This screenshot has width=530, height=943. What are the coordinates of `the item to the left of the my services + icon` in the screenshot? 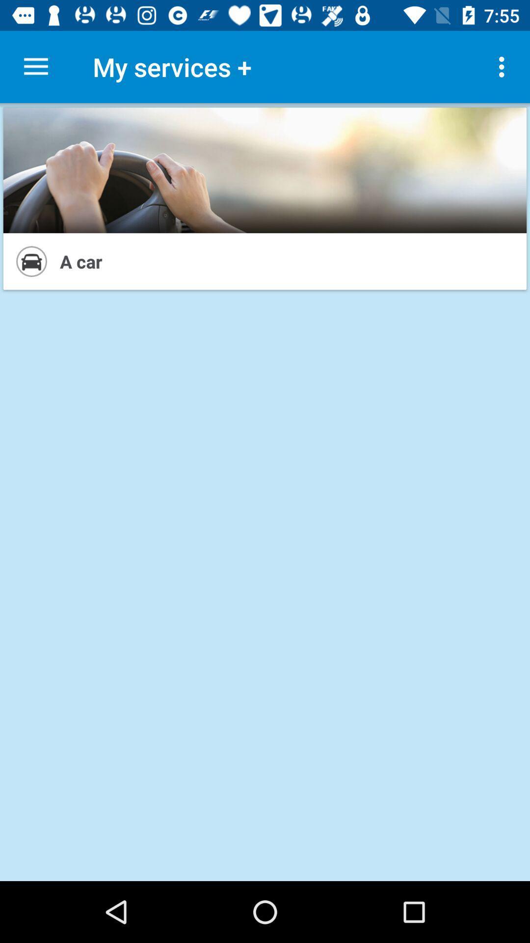 It's located at (35, 66).